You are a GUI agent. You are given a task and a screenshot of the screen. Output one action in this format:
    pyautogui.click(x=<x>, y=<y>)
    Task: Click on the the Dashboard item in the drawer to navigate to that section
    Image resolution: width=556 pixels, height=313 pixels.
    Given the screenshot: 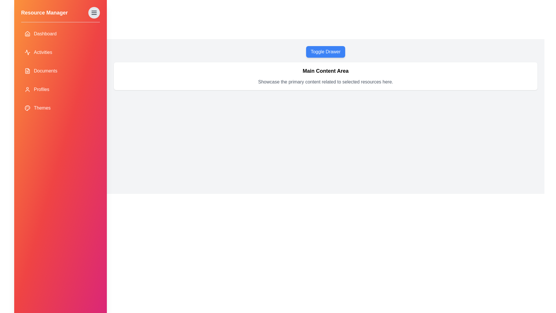 What is the action you would take?
    pyautogui.click(x=61, y=34)
    